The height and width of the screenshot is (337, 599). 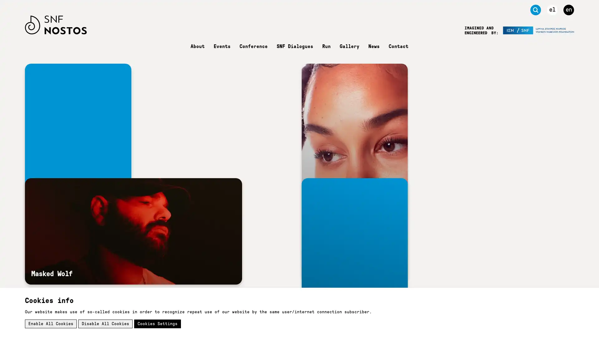 I want to click on Cookies Settings, so click(x=157, y=323).